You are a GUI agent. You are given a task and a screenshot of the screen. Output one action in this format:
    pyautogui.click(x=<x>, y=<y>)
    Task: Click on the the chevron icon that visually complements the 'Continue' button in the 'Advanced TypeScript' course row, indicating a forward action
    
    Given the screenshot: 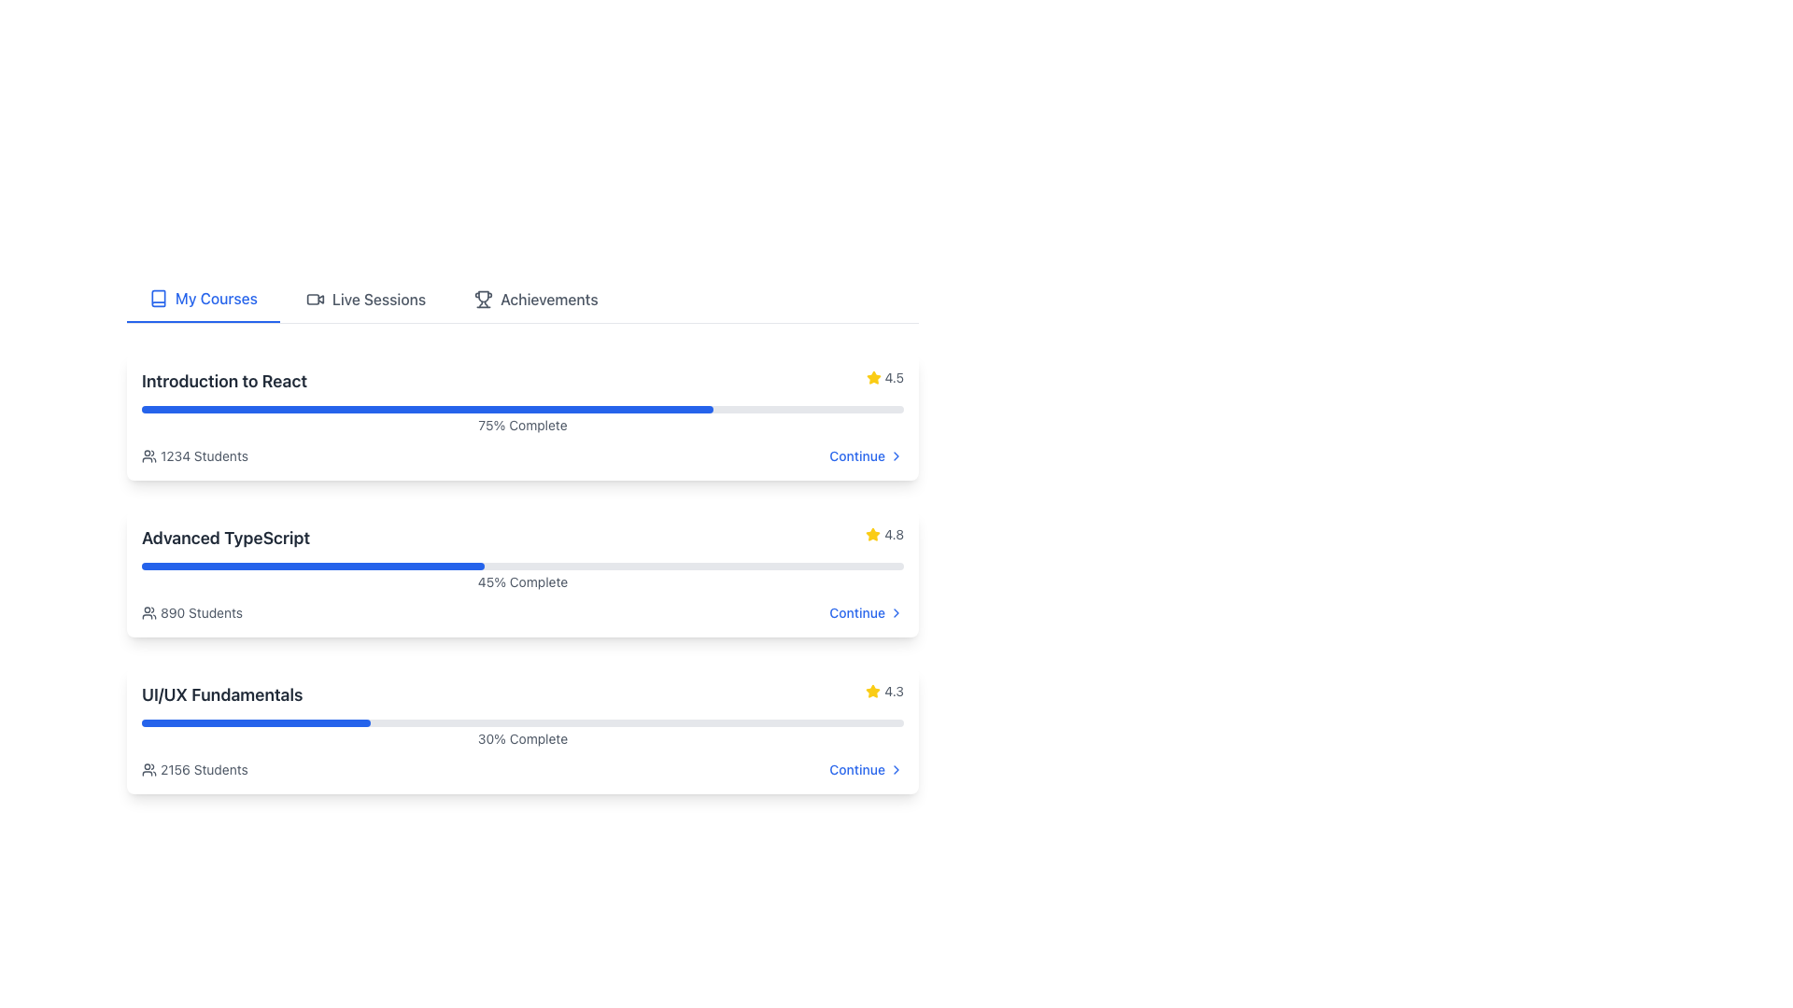 What is the action you would take?
    pyautogui.click(x=896, y=612)
    